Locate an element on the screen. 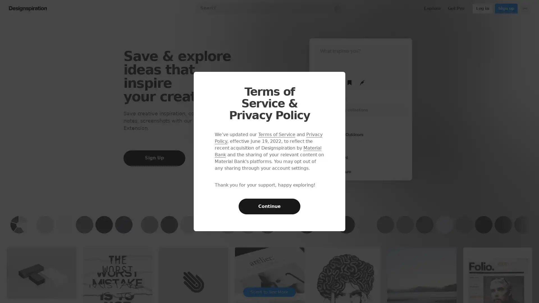  Continue is located at coordinates (269, 206).